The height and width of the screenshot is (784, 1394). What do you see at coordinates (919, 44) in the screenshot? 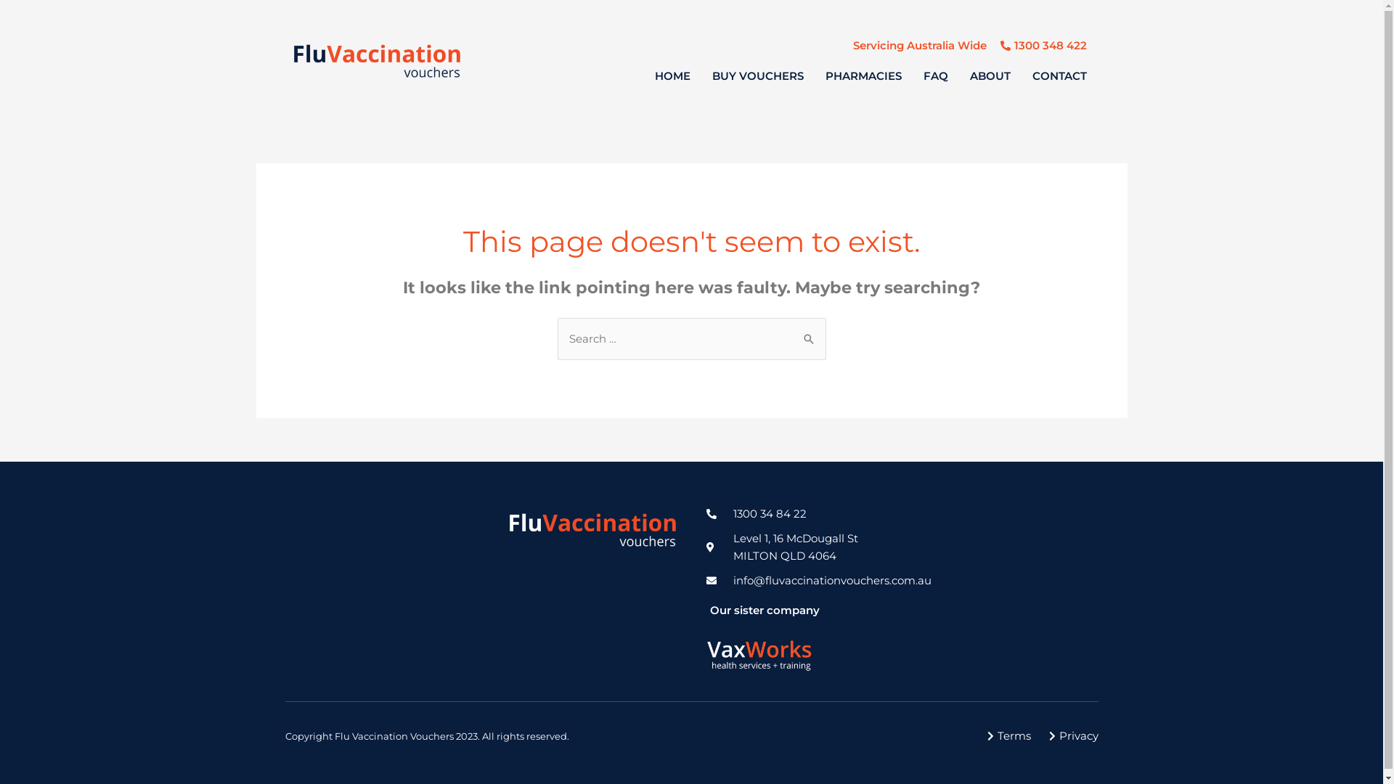
I see `'Servicing Australia Wide'` at bounding box center [919, 44].